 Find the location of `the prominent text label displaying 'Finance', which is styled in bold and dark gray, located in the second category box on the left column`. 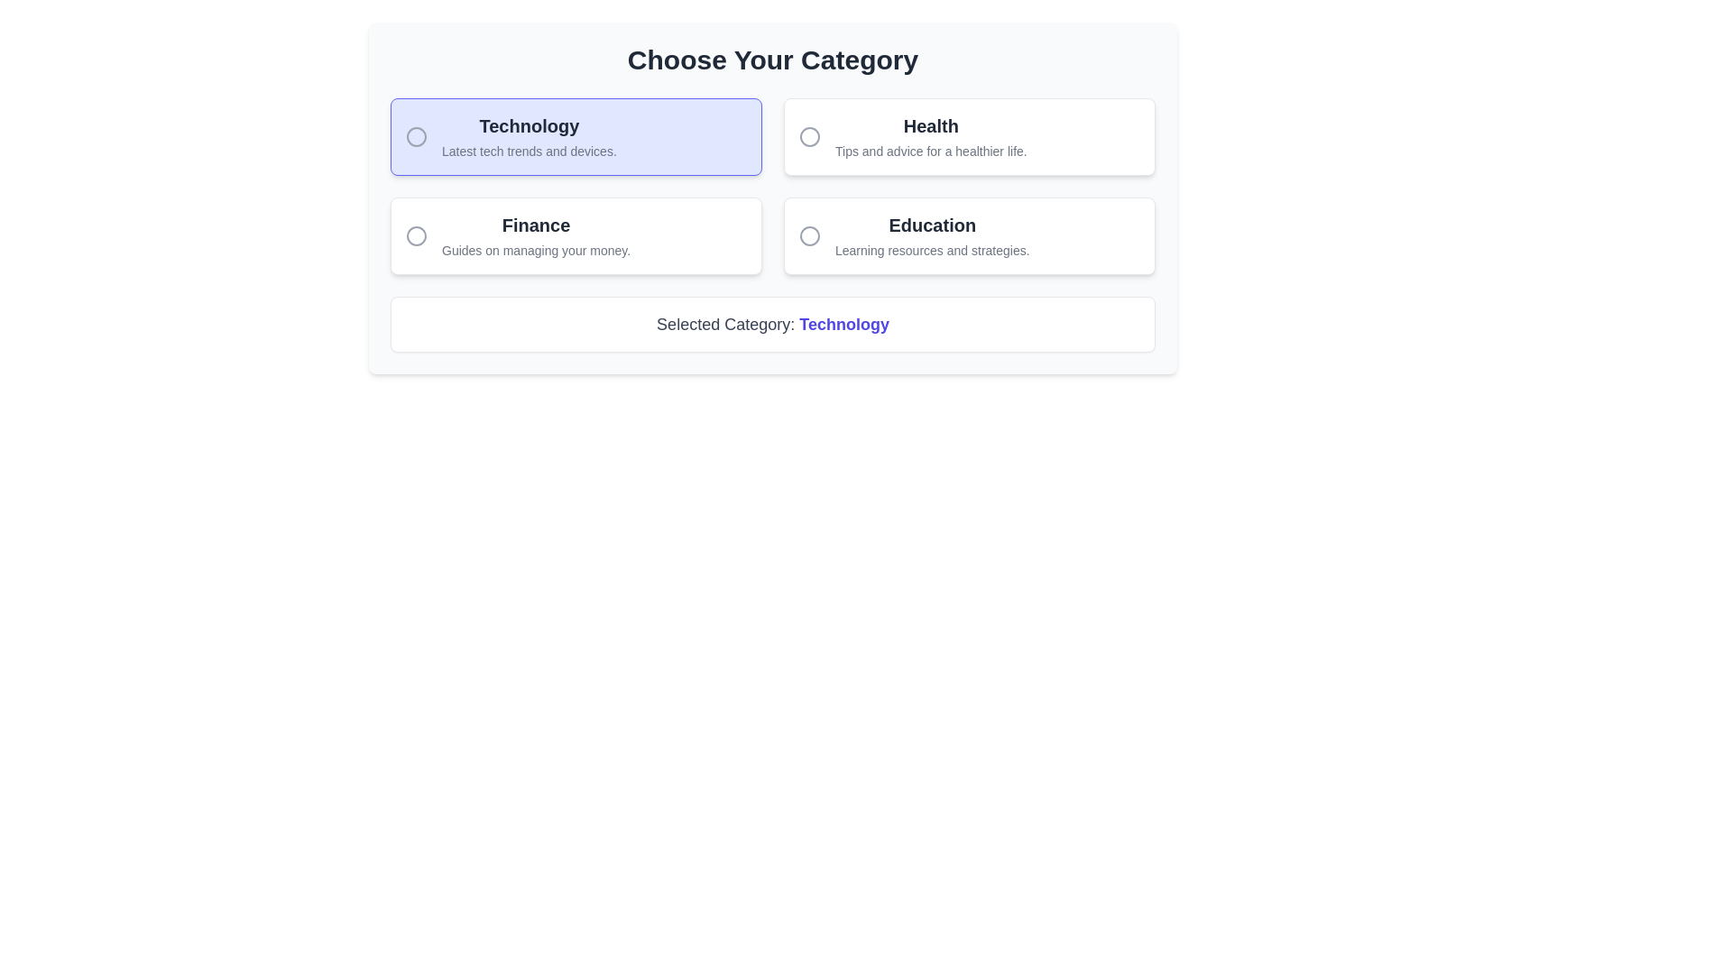

the prominent text label displaying 'Finance', which is styled in bold and dark gray, located in the second category box on the left column is located at coordinates (535, 225).